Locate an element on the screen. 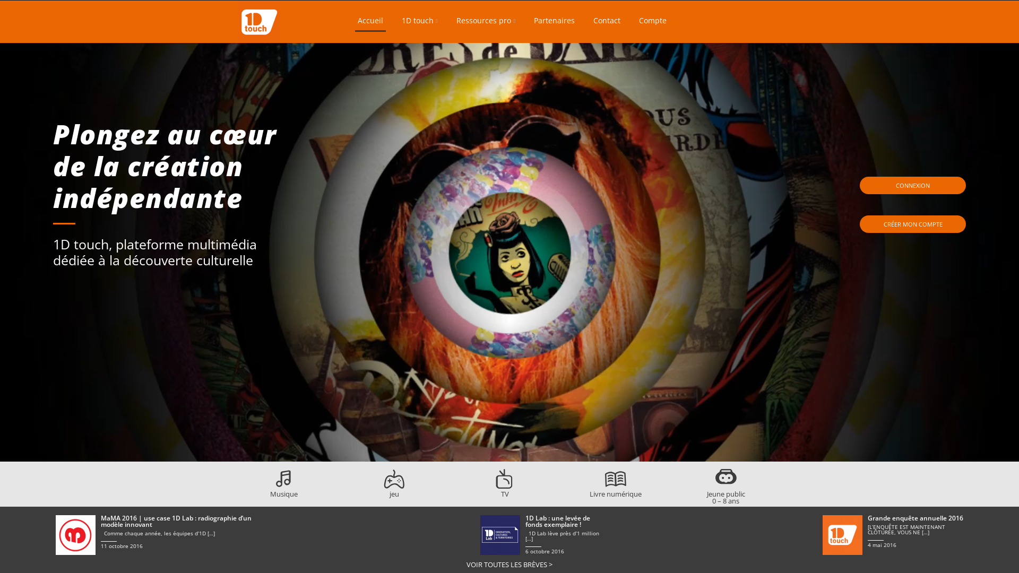 This screenshot has width=1019, height=573. 'Accueil' is located at coordinates (370, 22).